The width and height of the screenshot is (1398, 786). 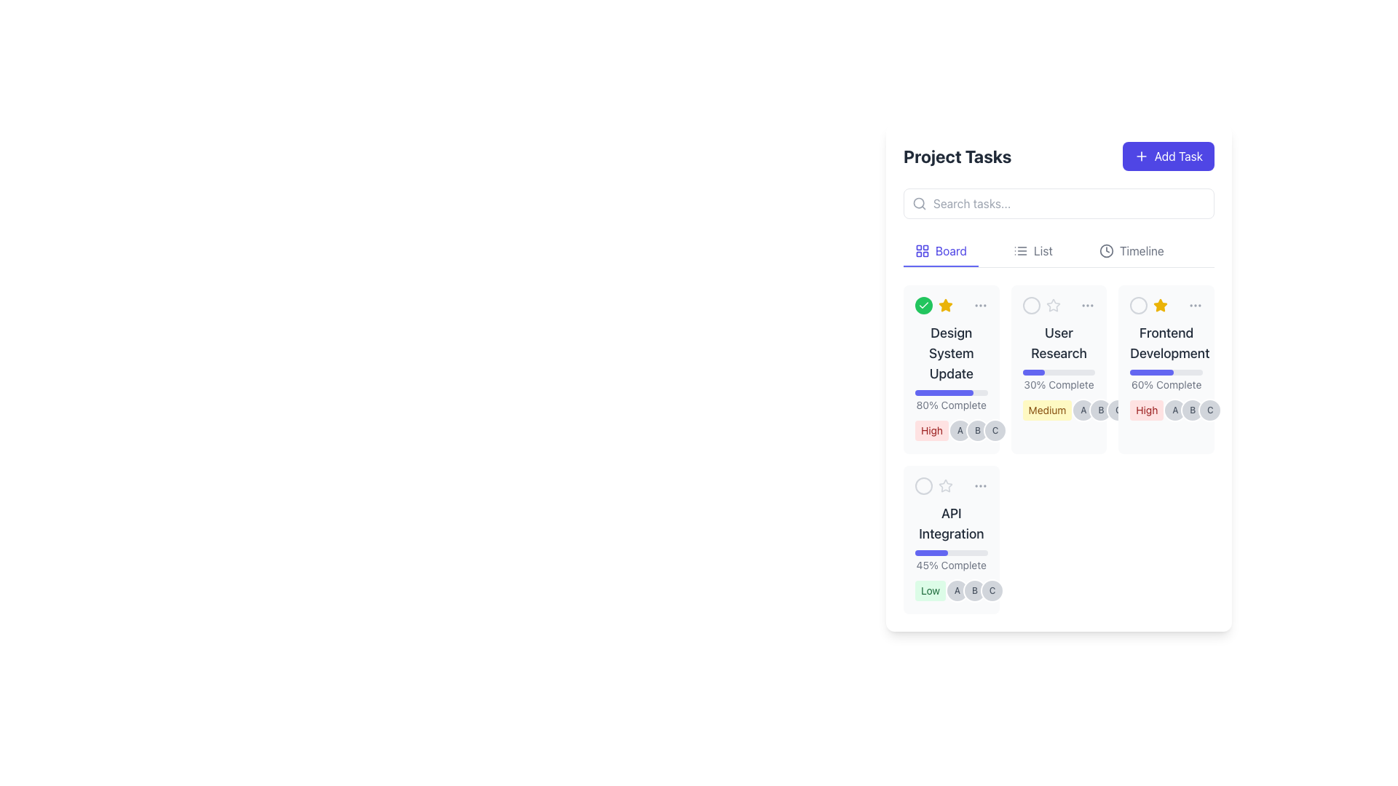 I want to click on progress bar segment indicating a 30% completion status for the task item labeled 'User Research' for its style attributes, so click(x=1032, y=372).